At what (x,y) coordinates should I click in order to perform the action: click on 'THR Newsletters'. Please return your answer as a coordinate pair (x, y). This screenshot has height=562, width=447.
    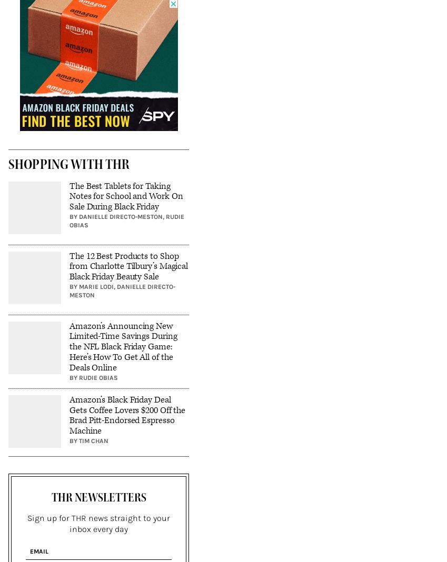
    Looking at the image, I should click on (98, 497).